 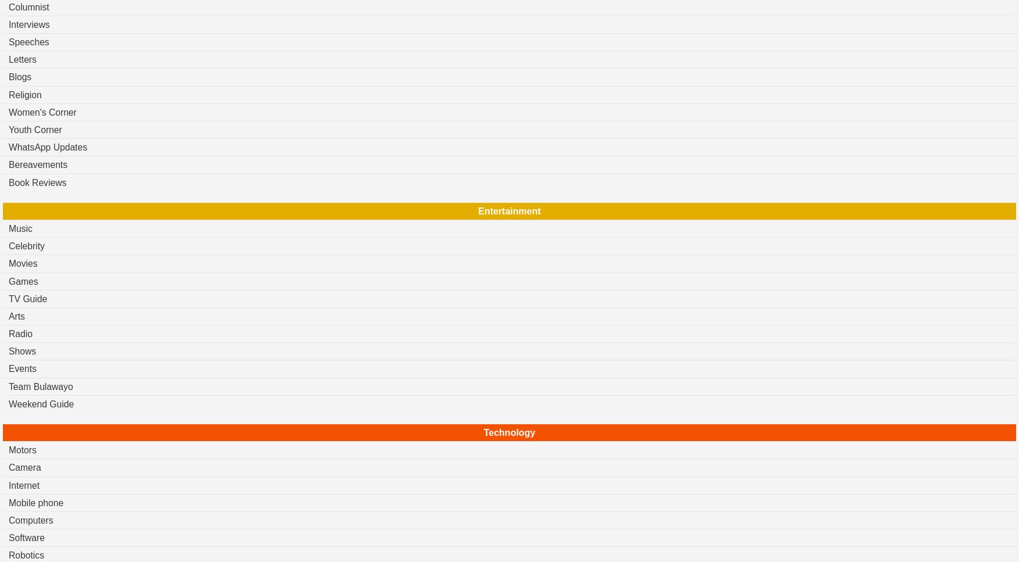 What do you see at coordinates (35, 129) in the screenshot?
I see `'Youth Corner'` at bounding box center [35, 129].